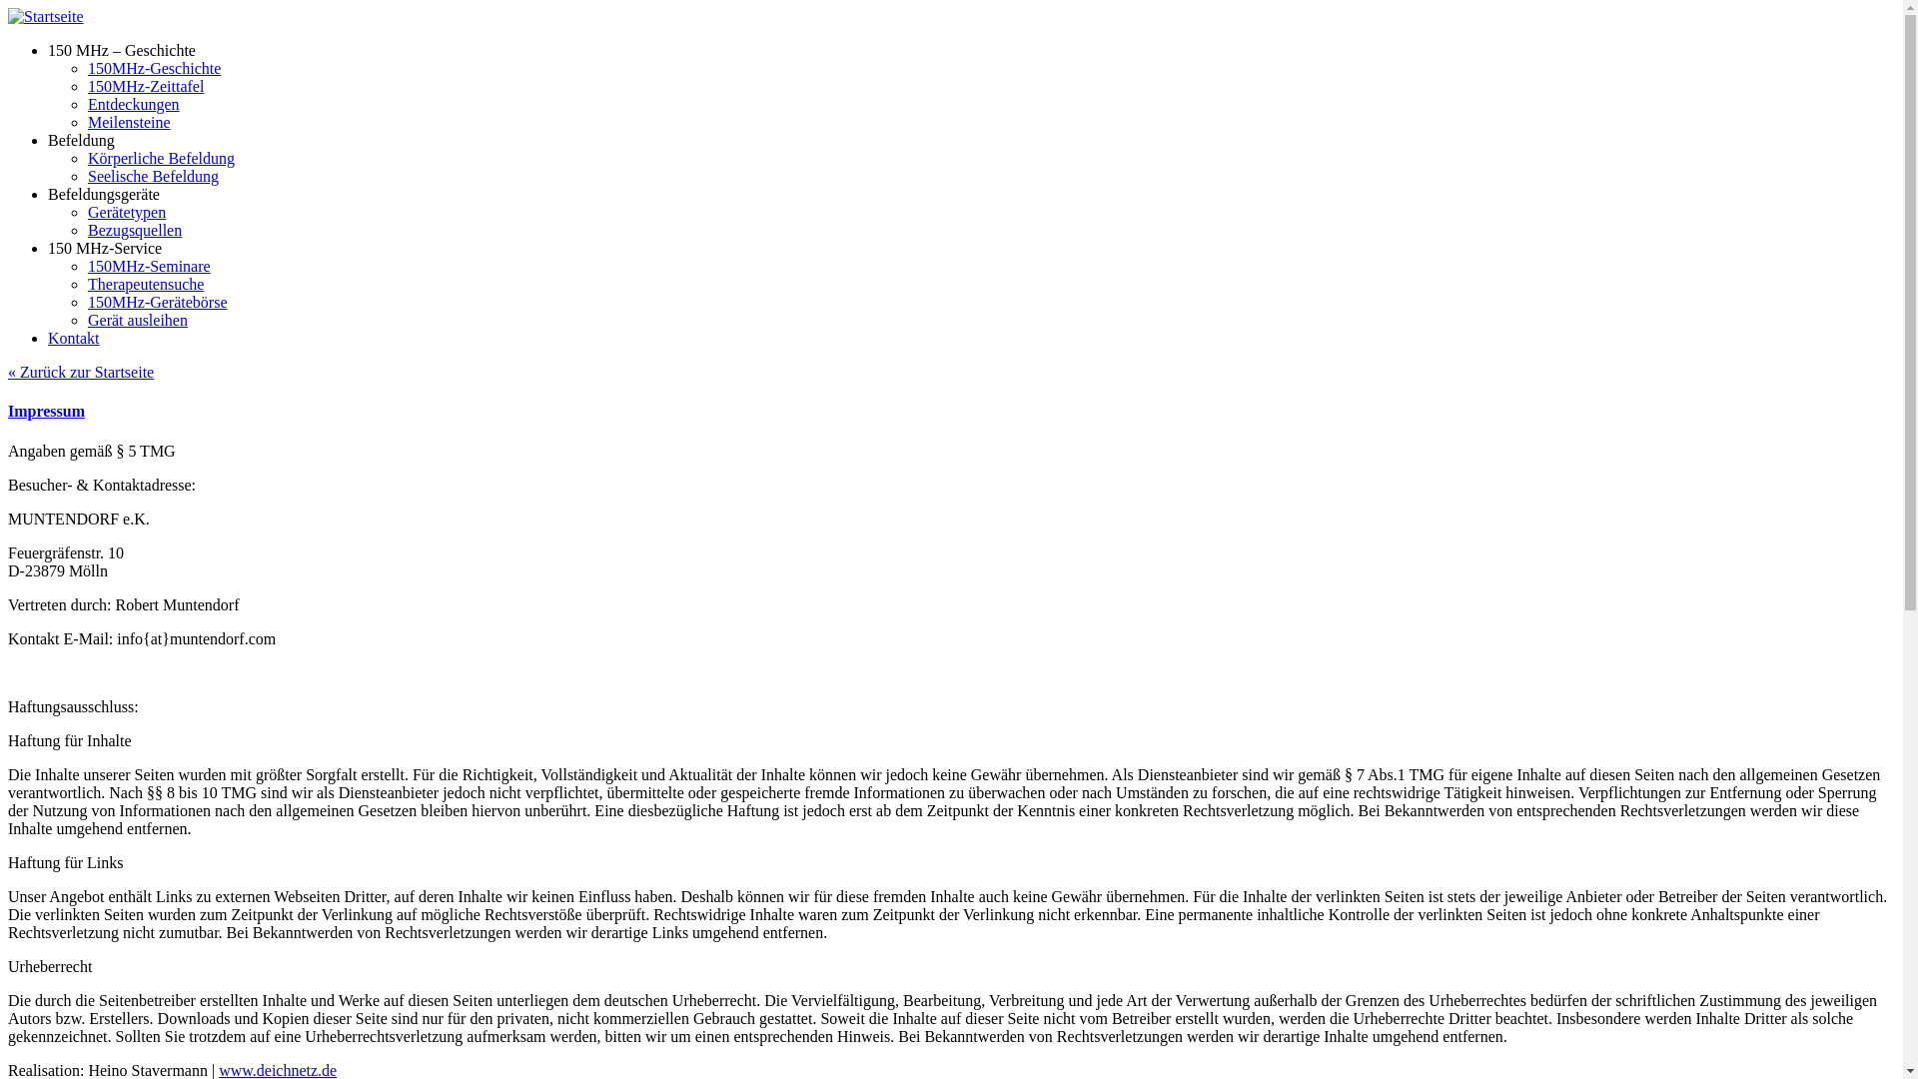 This screenshot has height=1079, width=1918. I want to click on 'Entdeckungen', so click(133, 104).